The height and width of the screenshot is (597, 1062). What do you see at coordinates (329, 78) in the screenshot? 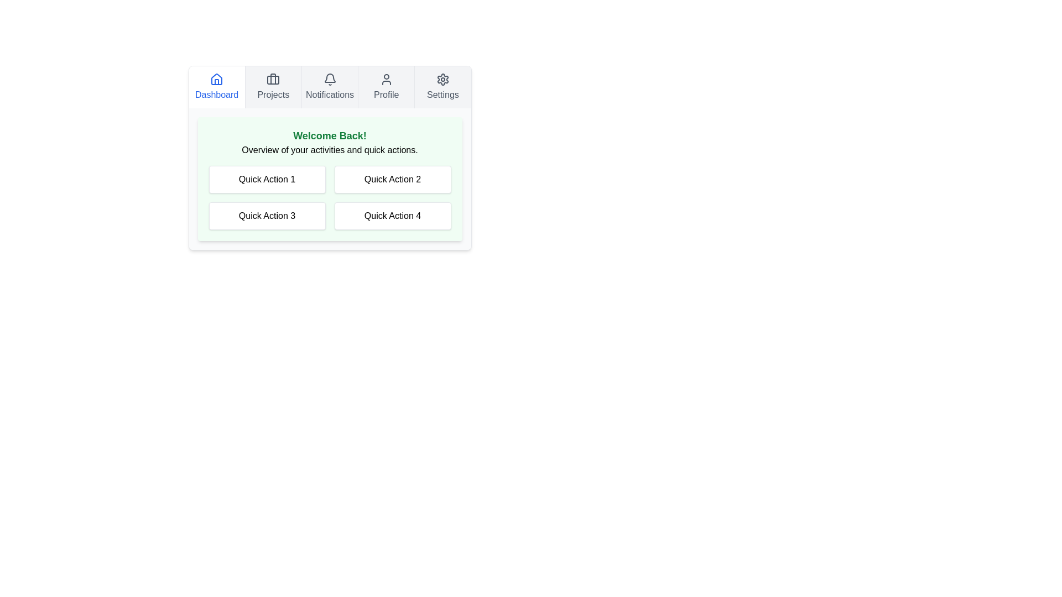
I see `the bell icon located centrally on the top navigation bar` at bounding box center [329, 78].